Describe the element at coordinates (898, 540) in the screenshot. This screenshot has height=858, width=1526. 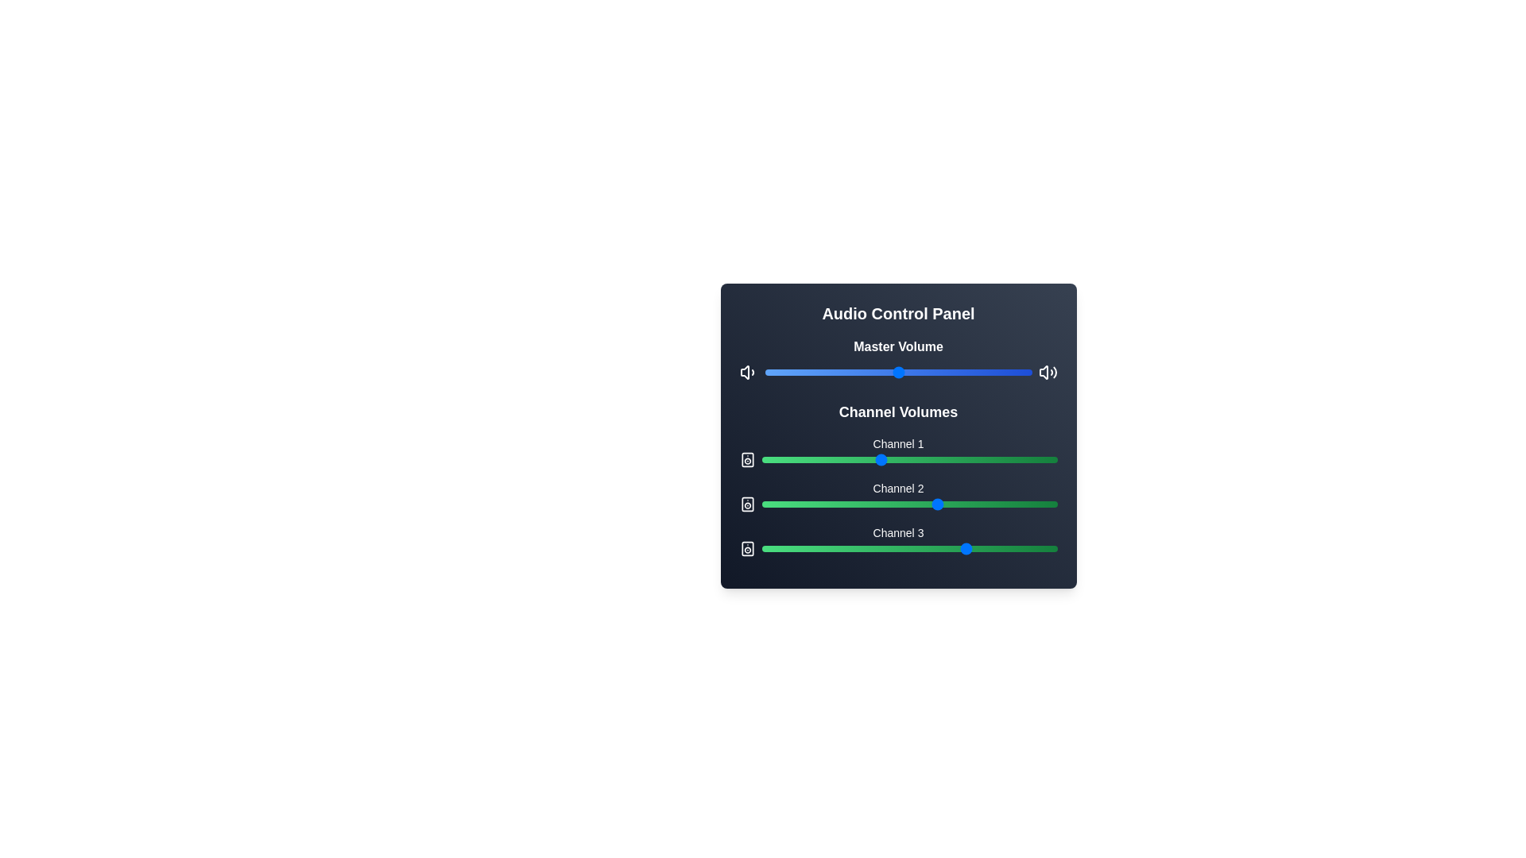
I see `the volume slider for 'Channel 3'` at that location.